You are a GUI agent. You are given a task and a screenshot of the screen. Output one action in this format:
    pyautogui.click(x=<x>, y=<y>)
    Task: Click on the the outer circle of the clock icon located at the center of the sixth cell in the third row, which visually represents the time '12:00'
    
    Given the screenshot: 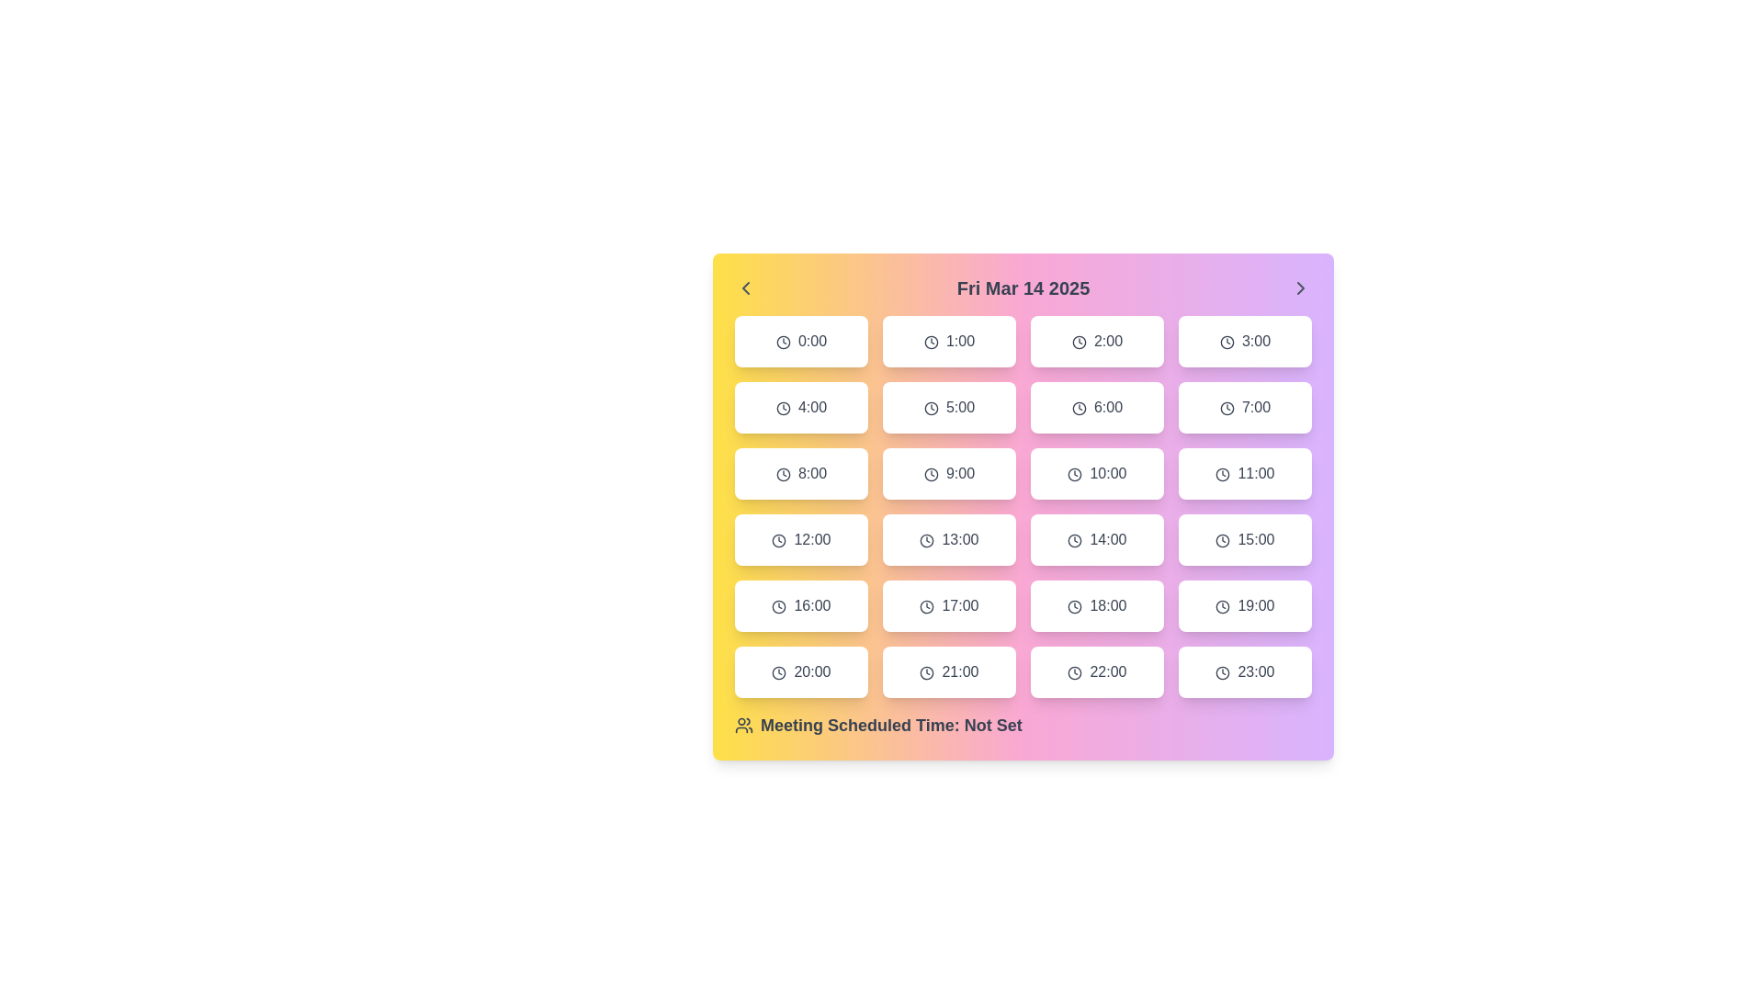 What is the action you would take?
    pyautogui.click(x=779, y=539)
    